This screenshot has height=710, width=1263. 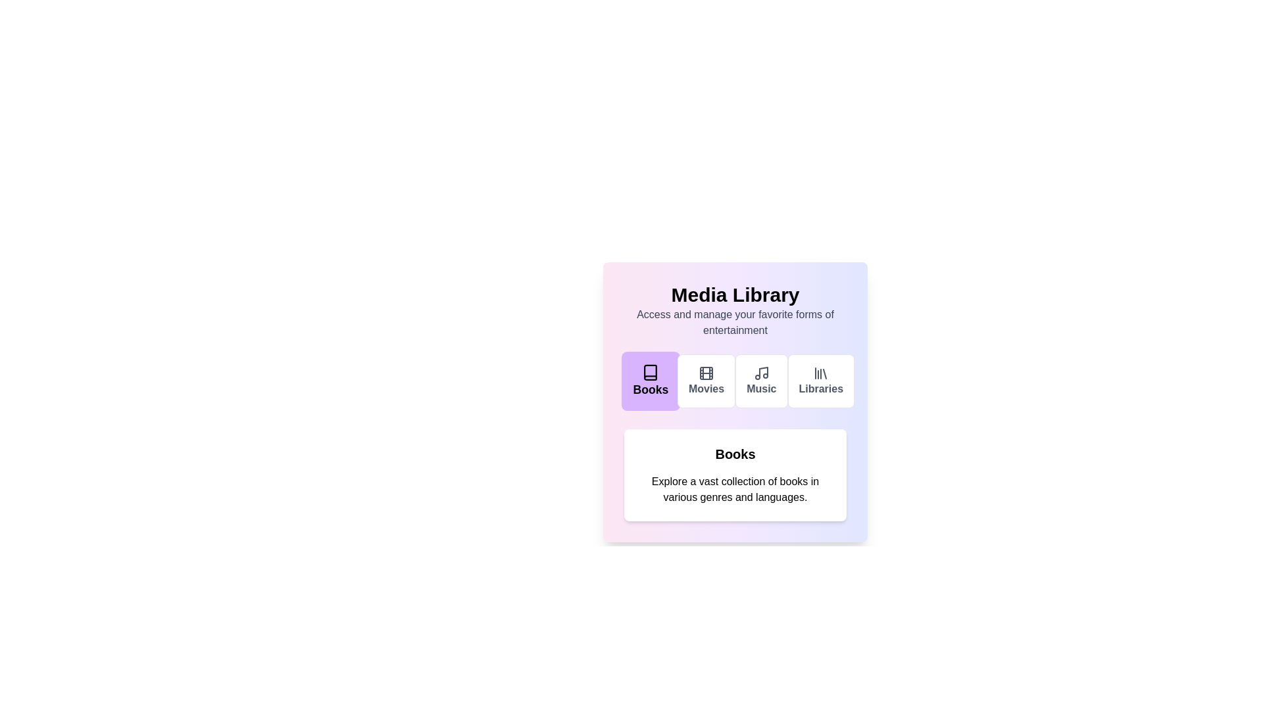 What do you see at coordinates (651, 381) in the screenshot?
I see `the Books tab by clicking on its button` at bounding box center [651, 381].